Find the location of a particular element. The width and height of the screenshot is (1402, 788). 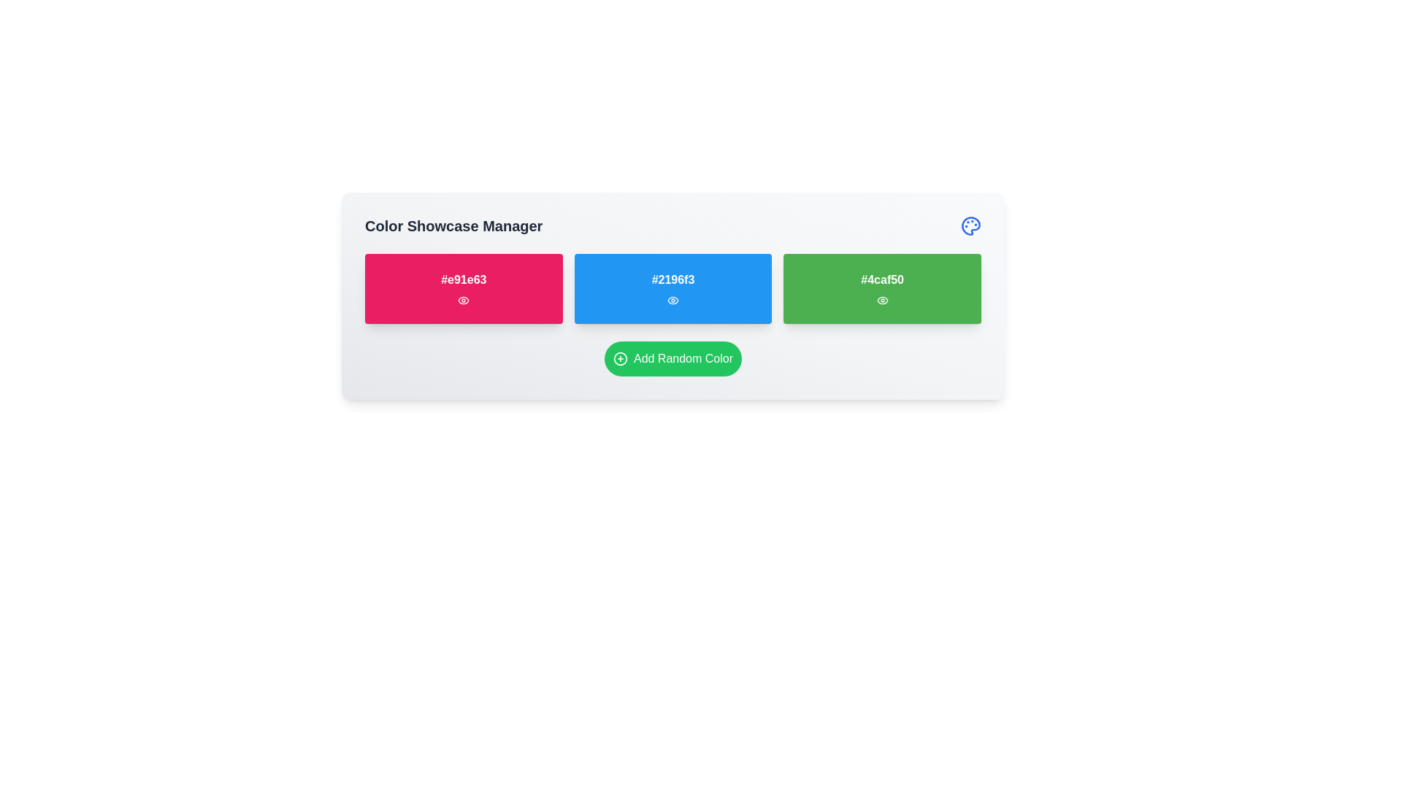

the text label displaying the hexadecimal color code in the 'Color Showcase Manager' section is located at coordinates (463, 280).